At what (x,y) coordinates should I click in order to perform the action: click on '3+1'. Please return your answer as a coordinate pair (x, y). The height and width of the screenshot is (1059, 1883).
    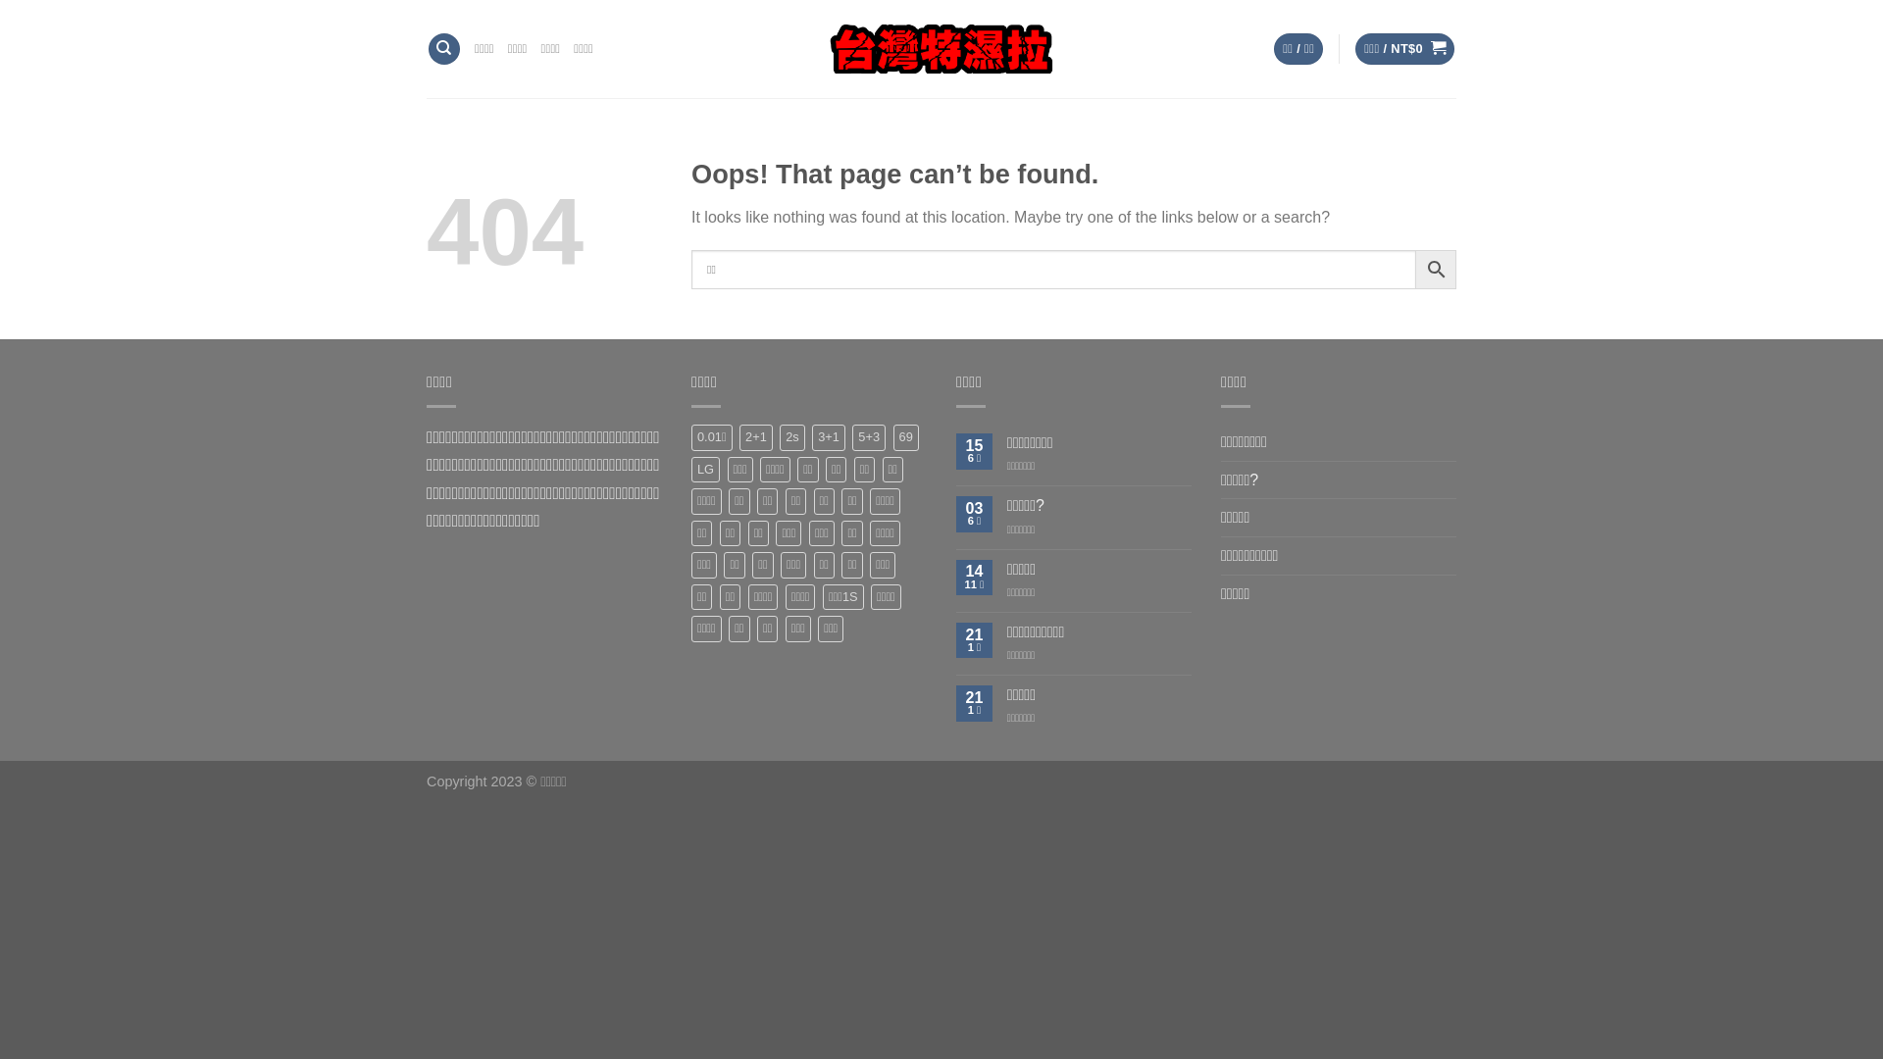
    Looking at the image, I should click on (828, 436).